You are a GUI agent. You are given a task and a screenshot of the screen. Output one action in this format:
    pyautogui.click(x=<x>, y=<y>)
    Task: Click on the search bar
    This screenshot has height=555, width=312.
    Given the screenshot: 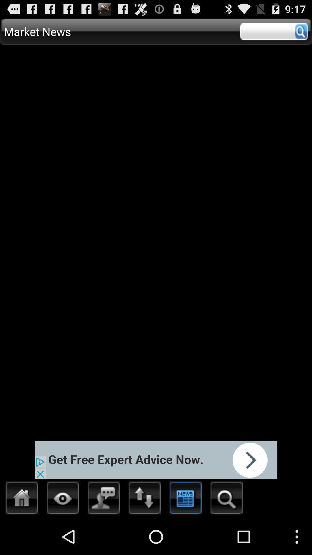 What is the action you would take?
    pyautogui.click(x=274, y=31)
    